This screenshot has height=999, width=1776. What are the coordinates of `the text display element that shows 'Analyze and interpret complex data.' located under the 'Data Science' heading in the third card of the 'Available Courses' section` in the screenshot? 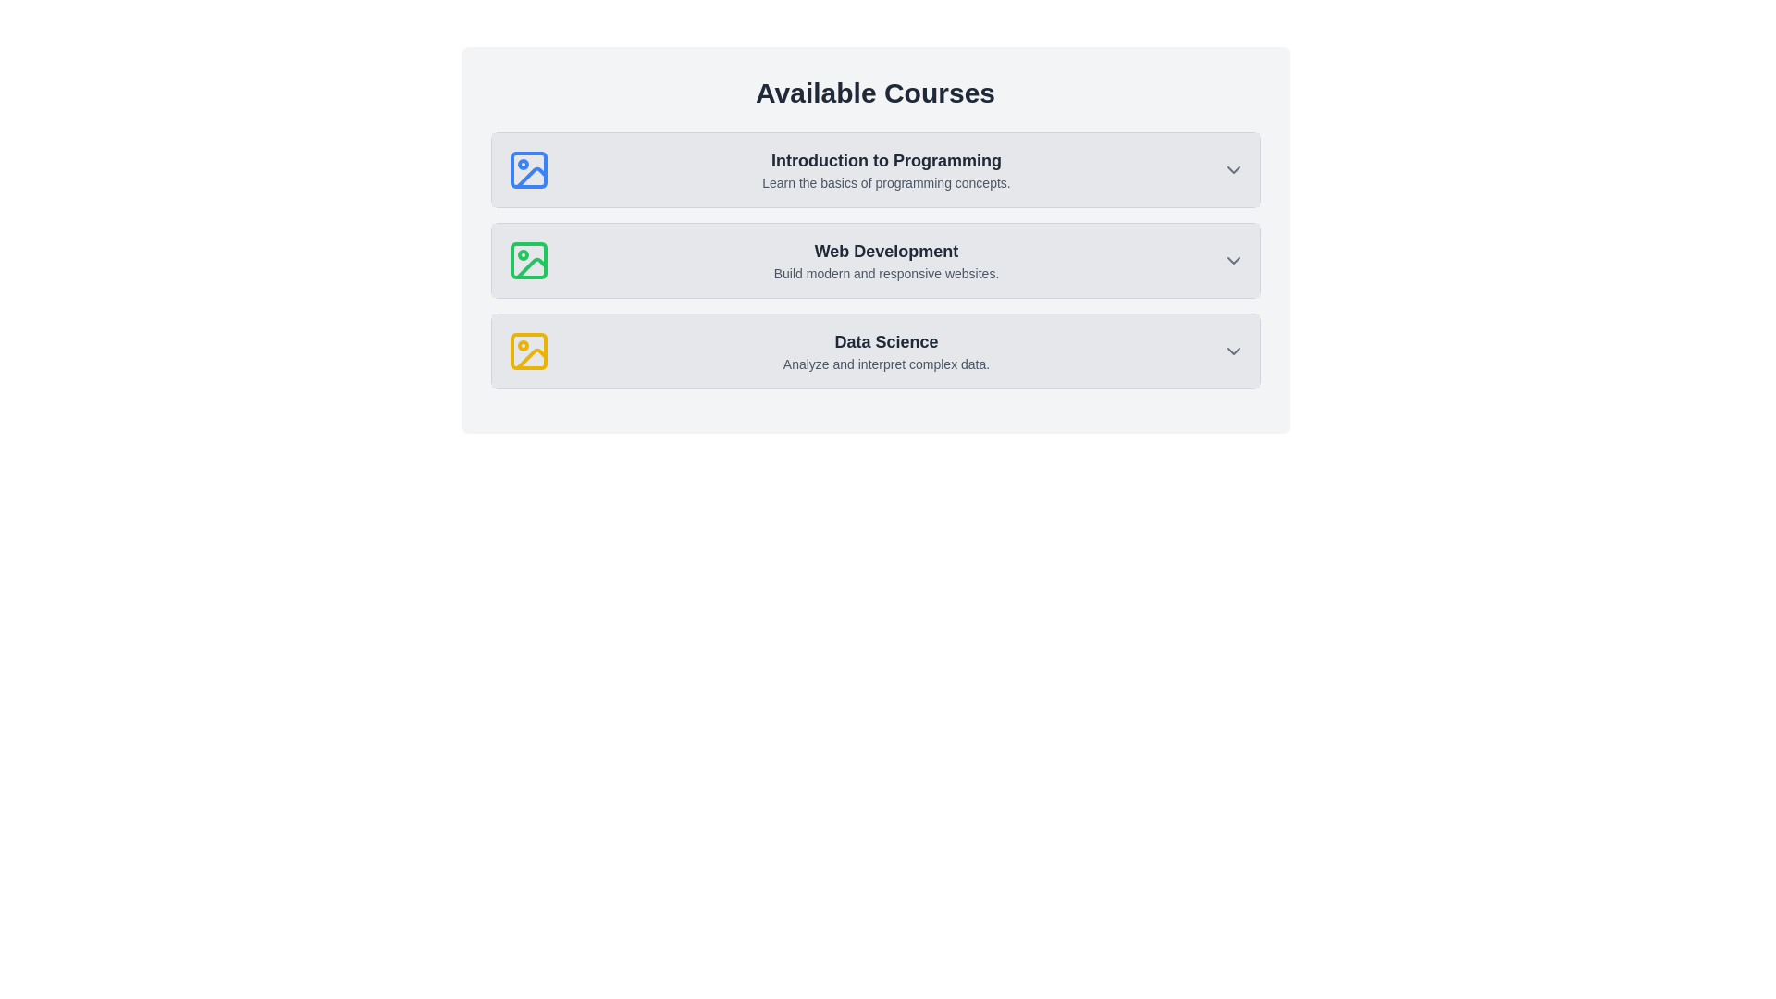 It's located at (885, 364).